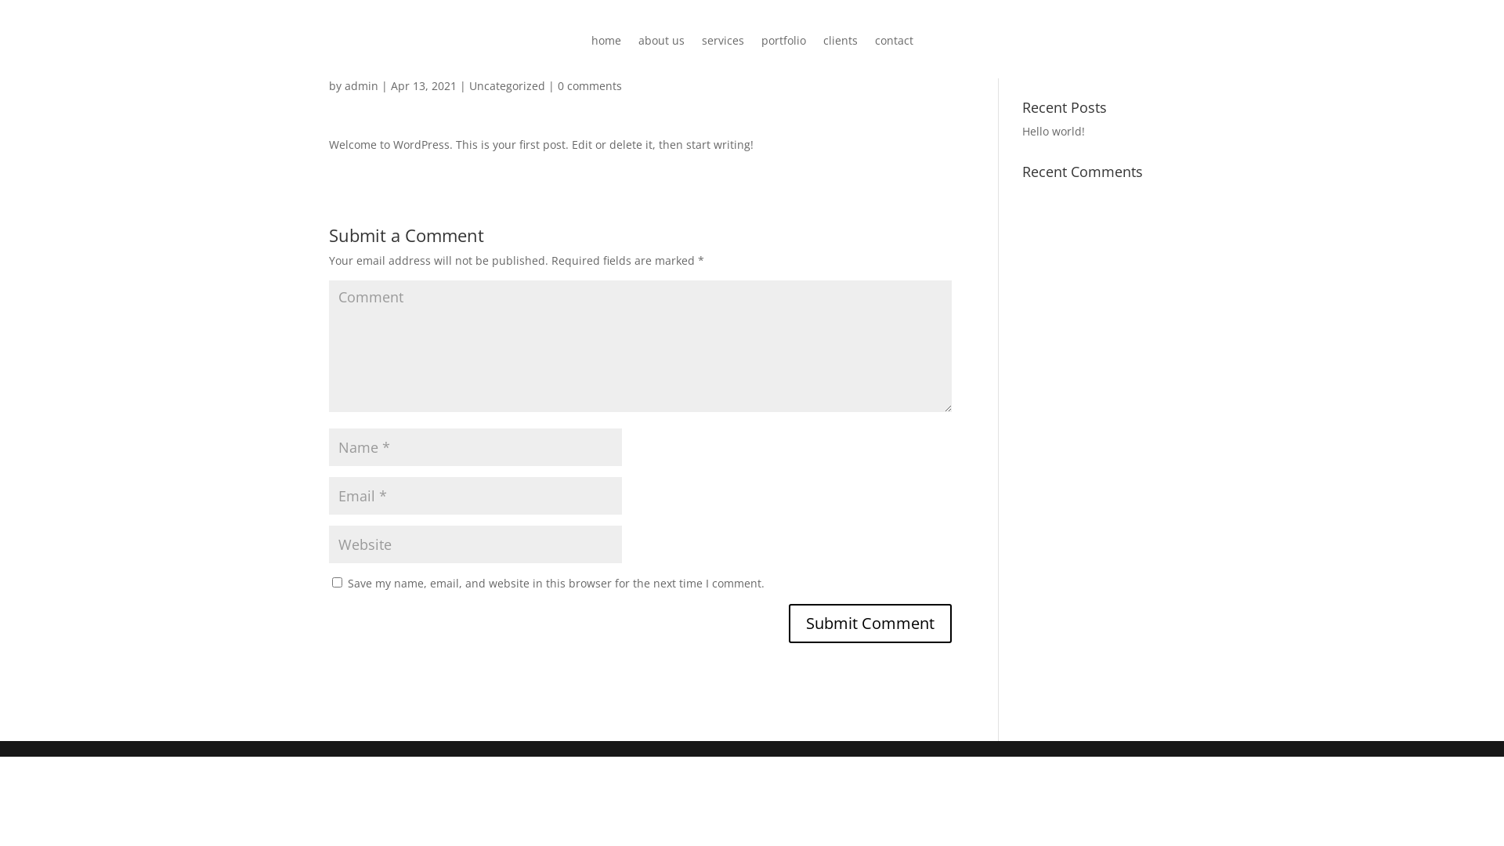  What do you see at coordinates (701, 43) in the screenshot?
I see `'services'` at bounding box center [701, 43].